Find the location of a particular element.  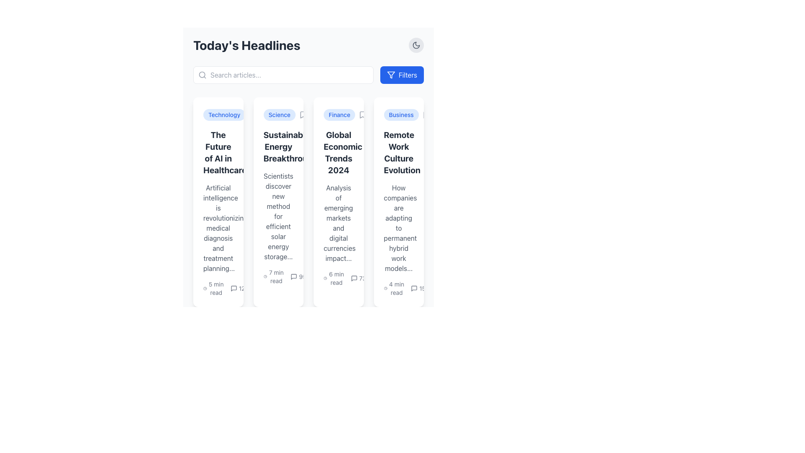

the text block that serves as an abstract or summary for the article, positioned below the title 'The Future of AI in Healthcare' and above the metadata section is located at coordinates (218, 228).